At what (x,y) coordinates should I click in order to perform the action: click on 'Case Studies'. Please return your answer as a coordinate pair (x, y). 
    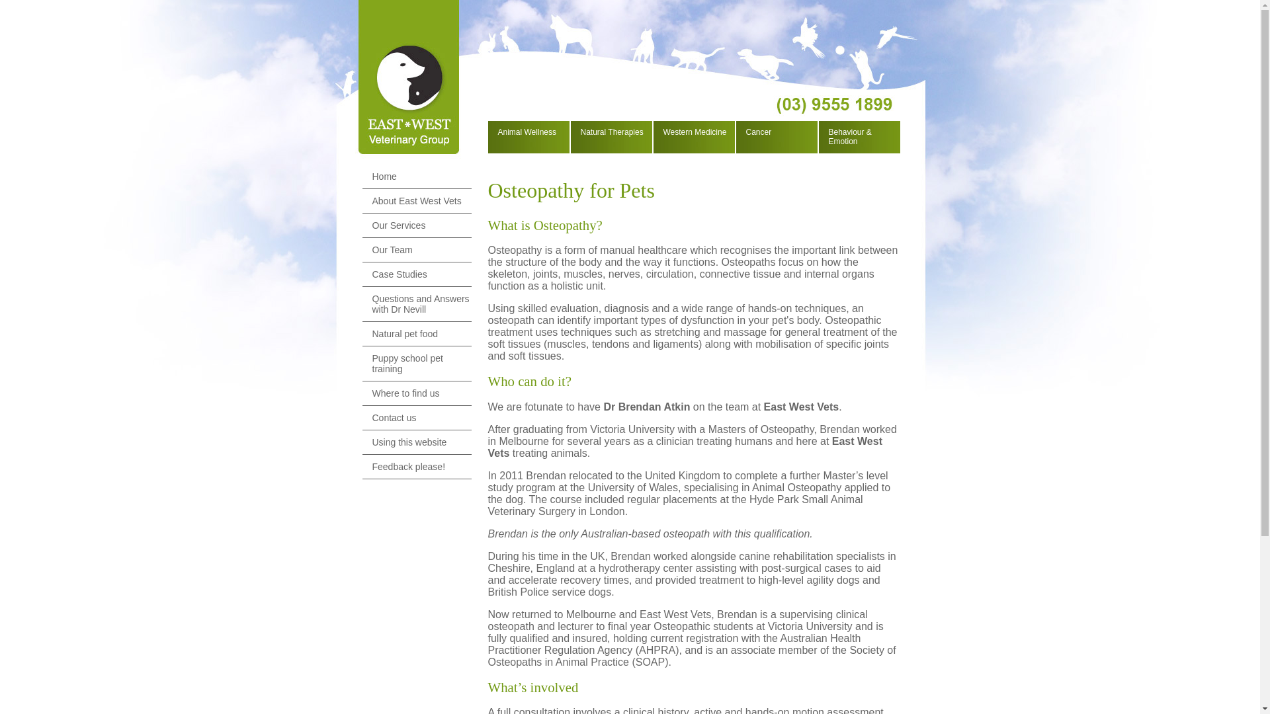
    Looking at the image, I should click on (416, 274).